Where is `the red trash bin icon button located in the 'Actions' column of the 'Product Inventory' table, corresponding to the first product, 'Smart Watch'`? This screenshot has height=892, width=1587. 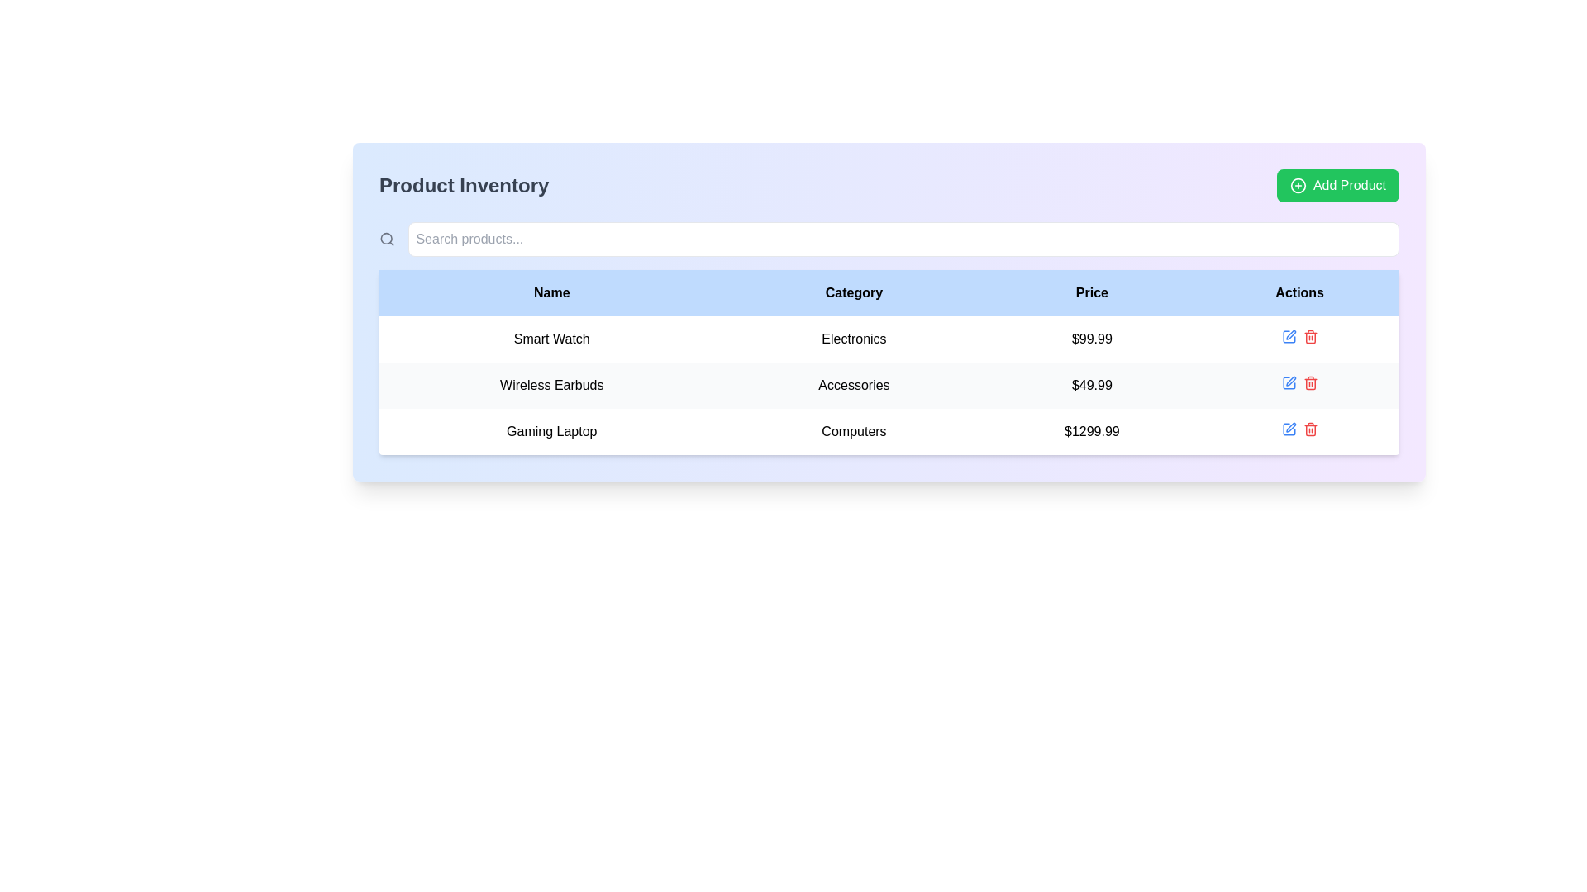
the red trash bin icon button located in the 'Actions' column of the 'Product Inventory' table, corresponding to the first product, 'Smart Watch' is located at coordinates (1309, 336).